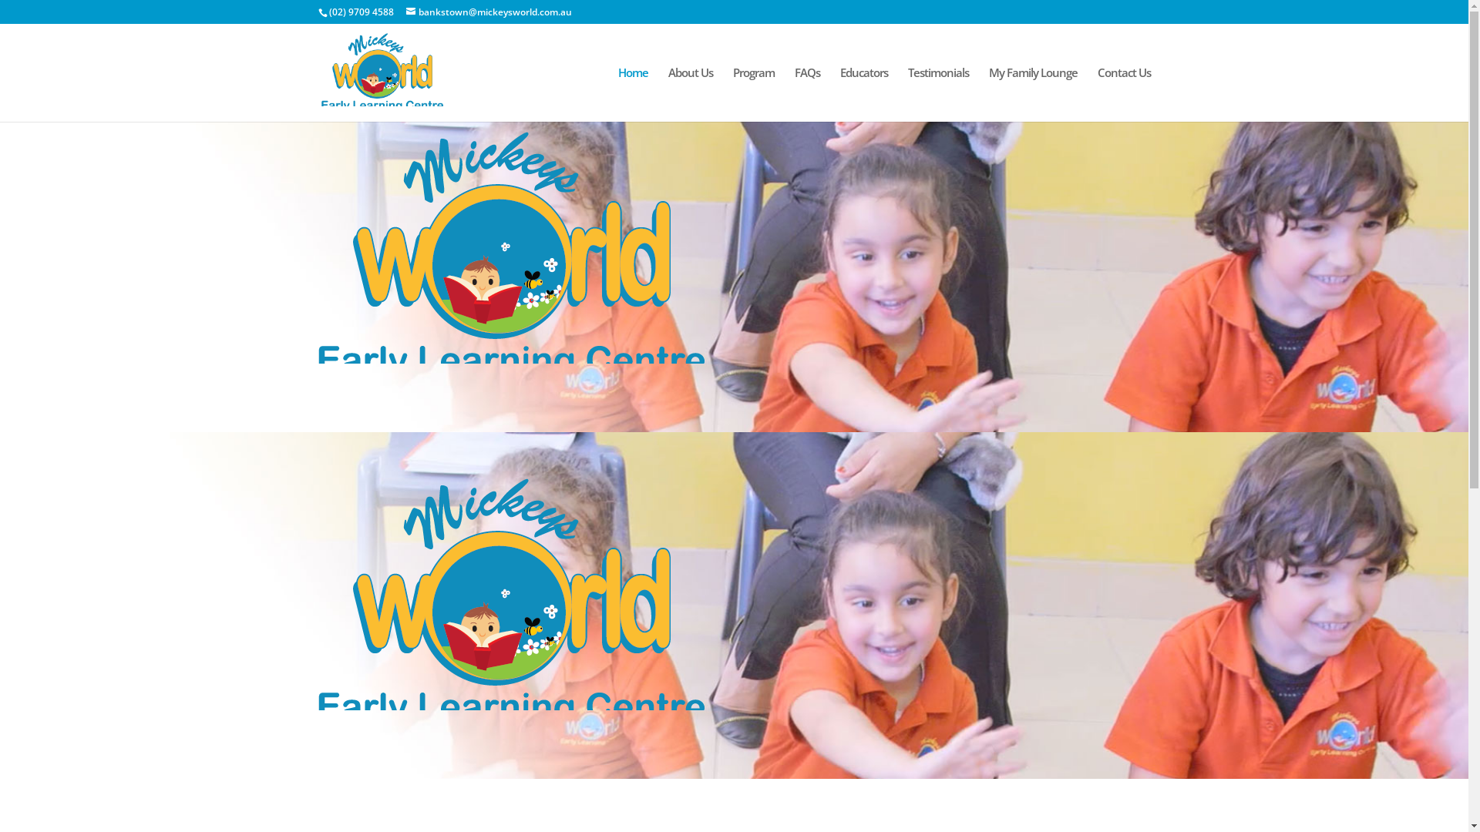 The width and height of the screenshot is (1480, 832). I want to click on 'Educators', so click(864, 94).